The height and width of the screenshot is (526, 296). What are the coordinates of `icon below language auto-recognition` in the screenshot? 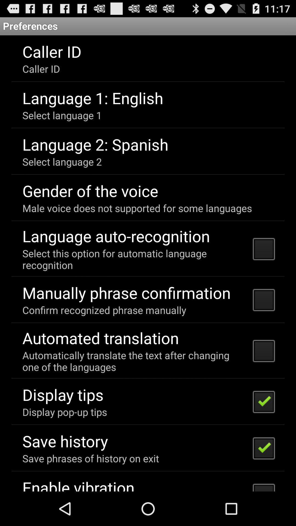 It's located at (134, 259).